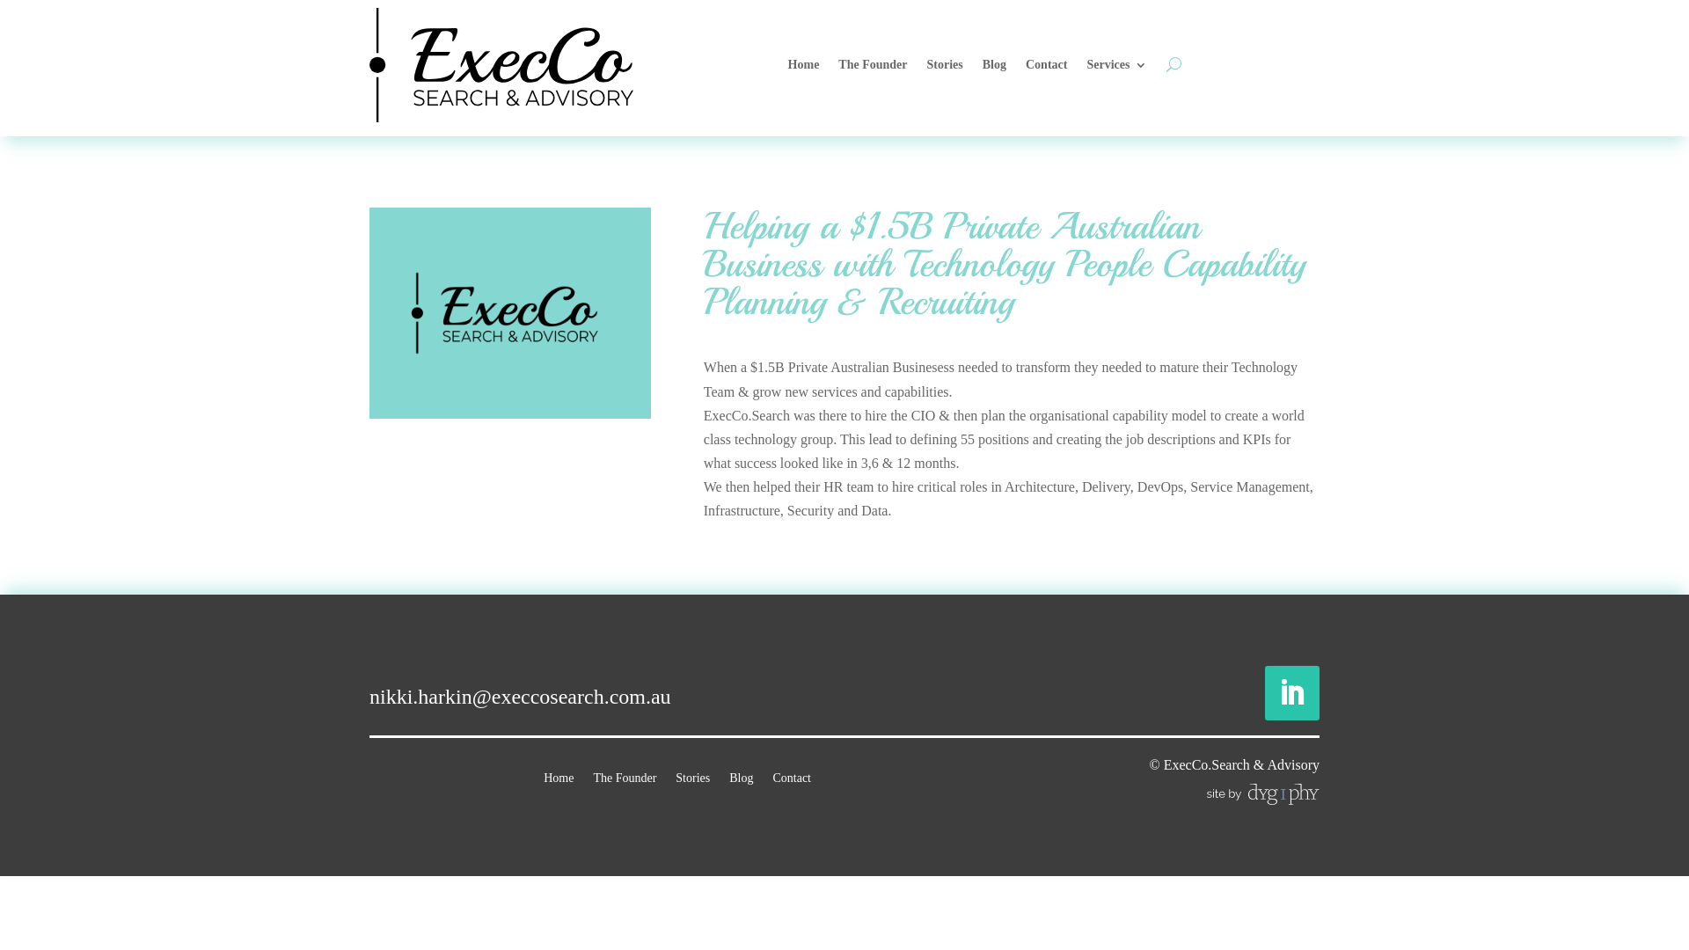 This screenshot has width=1689, height=950. What do you see at coordinates (519, 695) in the screenshot?
I see `'nikki.harkin@execcosearch.com.au'` at bounding box center [519, 695].